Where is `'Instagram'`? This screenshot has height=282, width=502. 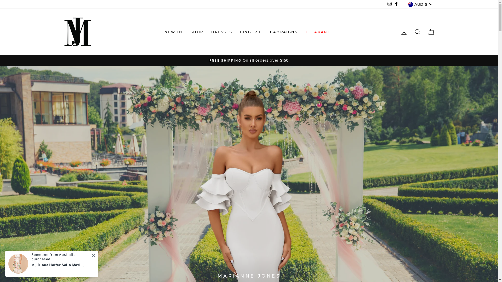 'Instagram' is located at coordinates (389, 4).